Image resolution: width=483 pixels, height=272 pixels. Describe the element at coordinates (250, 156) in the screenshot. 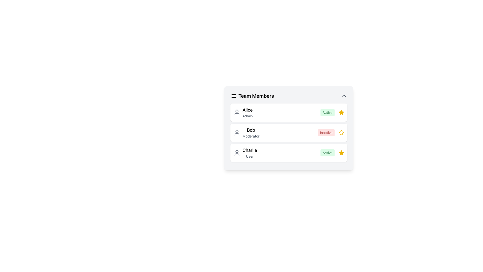

I see `the small-sized gray text label reading 'User', which is located below 'Charlie' in the Team Members list` at that location.